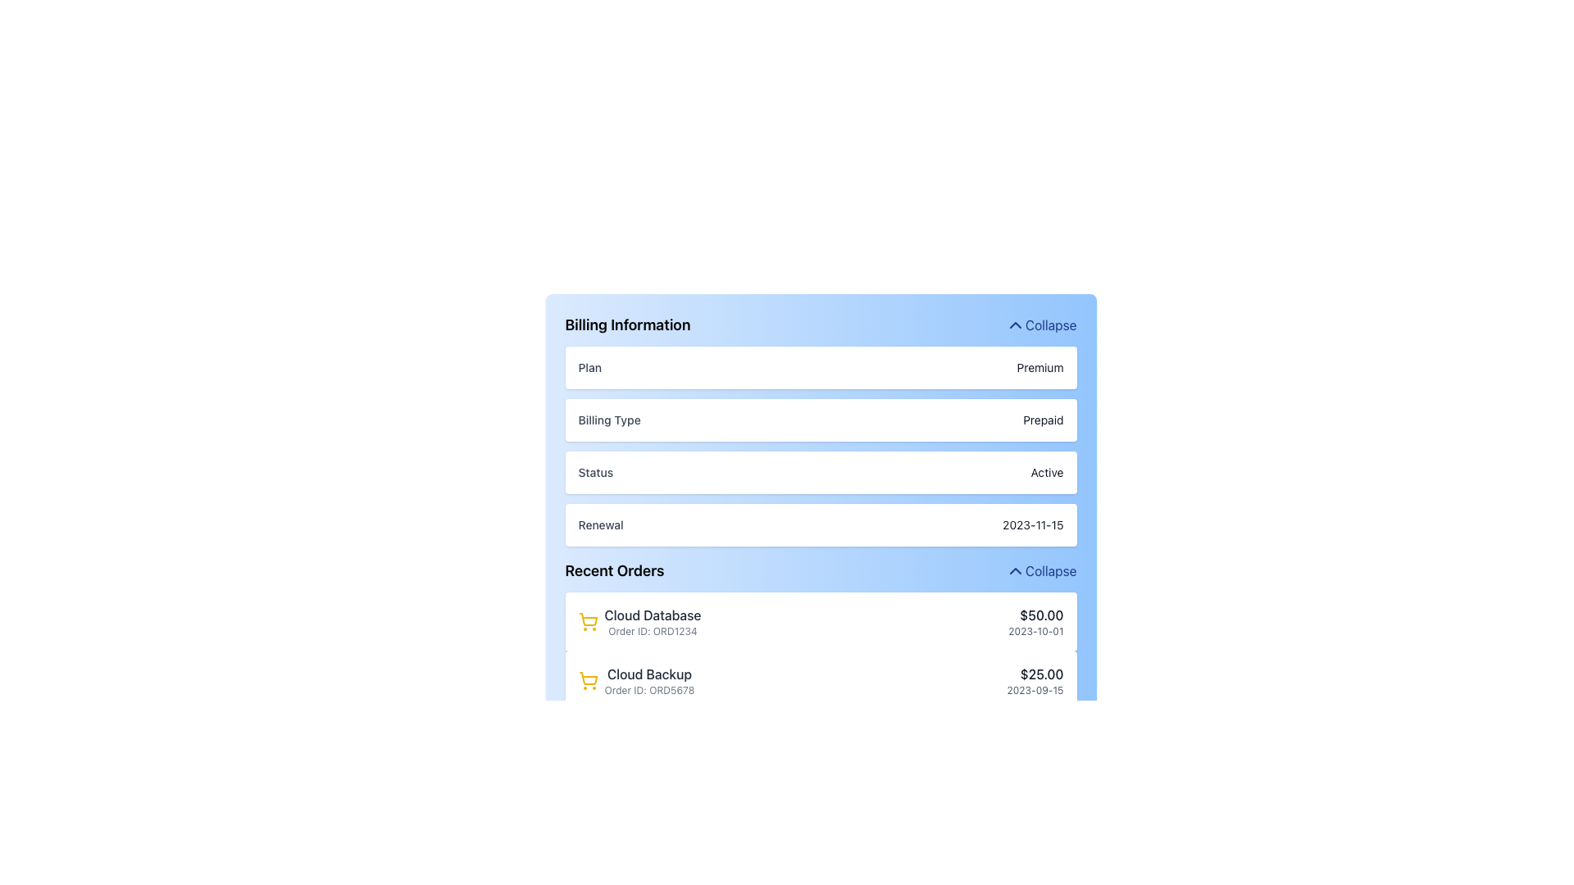  What do you see at coordinates (652, 615) in the screenshot?
I see `text of the 'Cloud Database' label located in the 'Recent Orders' section, which is the first item in the list and appears above the 'Order ID: ORD1234'` at bounding box center [652, 615].